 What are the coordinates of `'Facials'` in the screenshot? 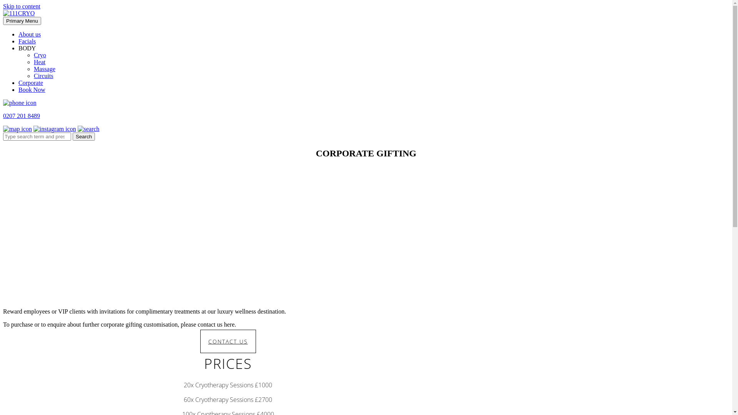 It's located at (27, 41).